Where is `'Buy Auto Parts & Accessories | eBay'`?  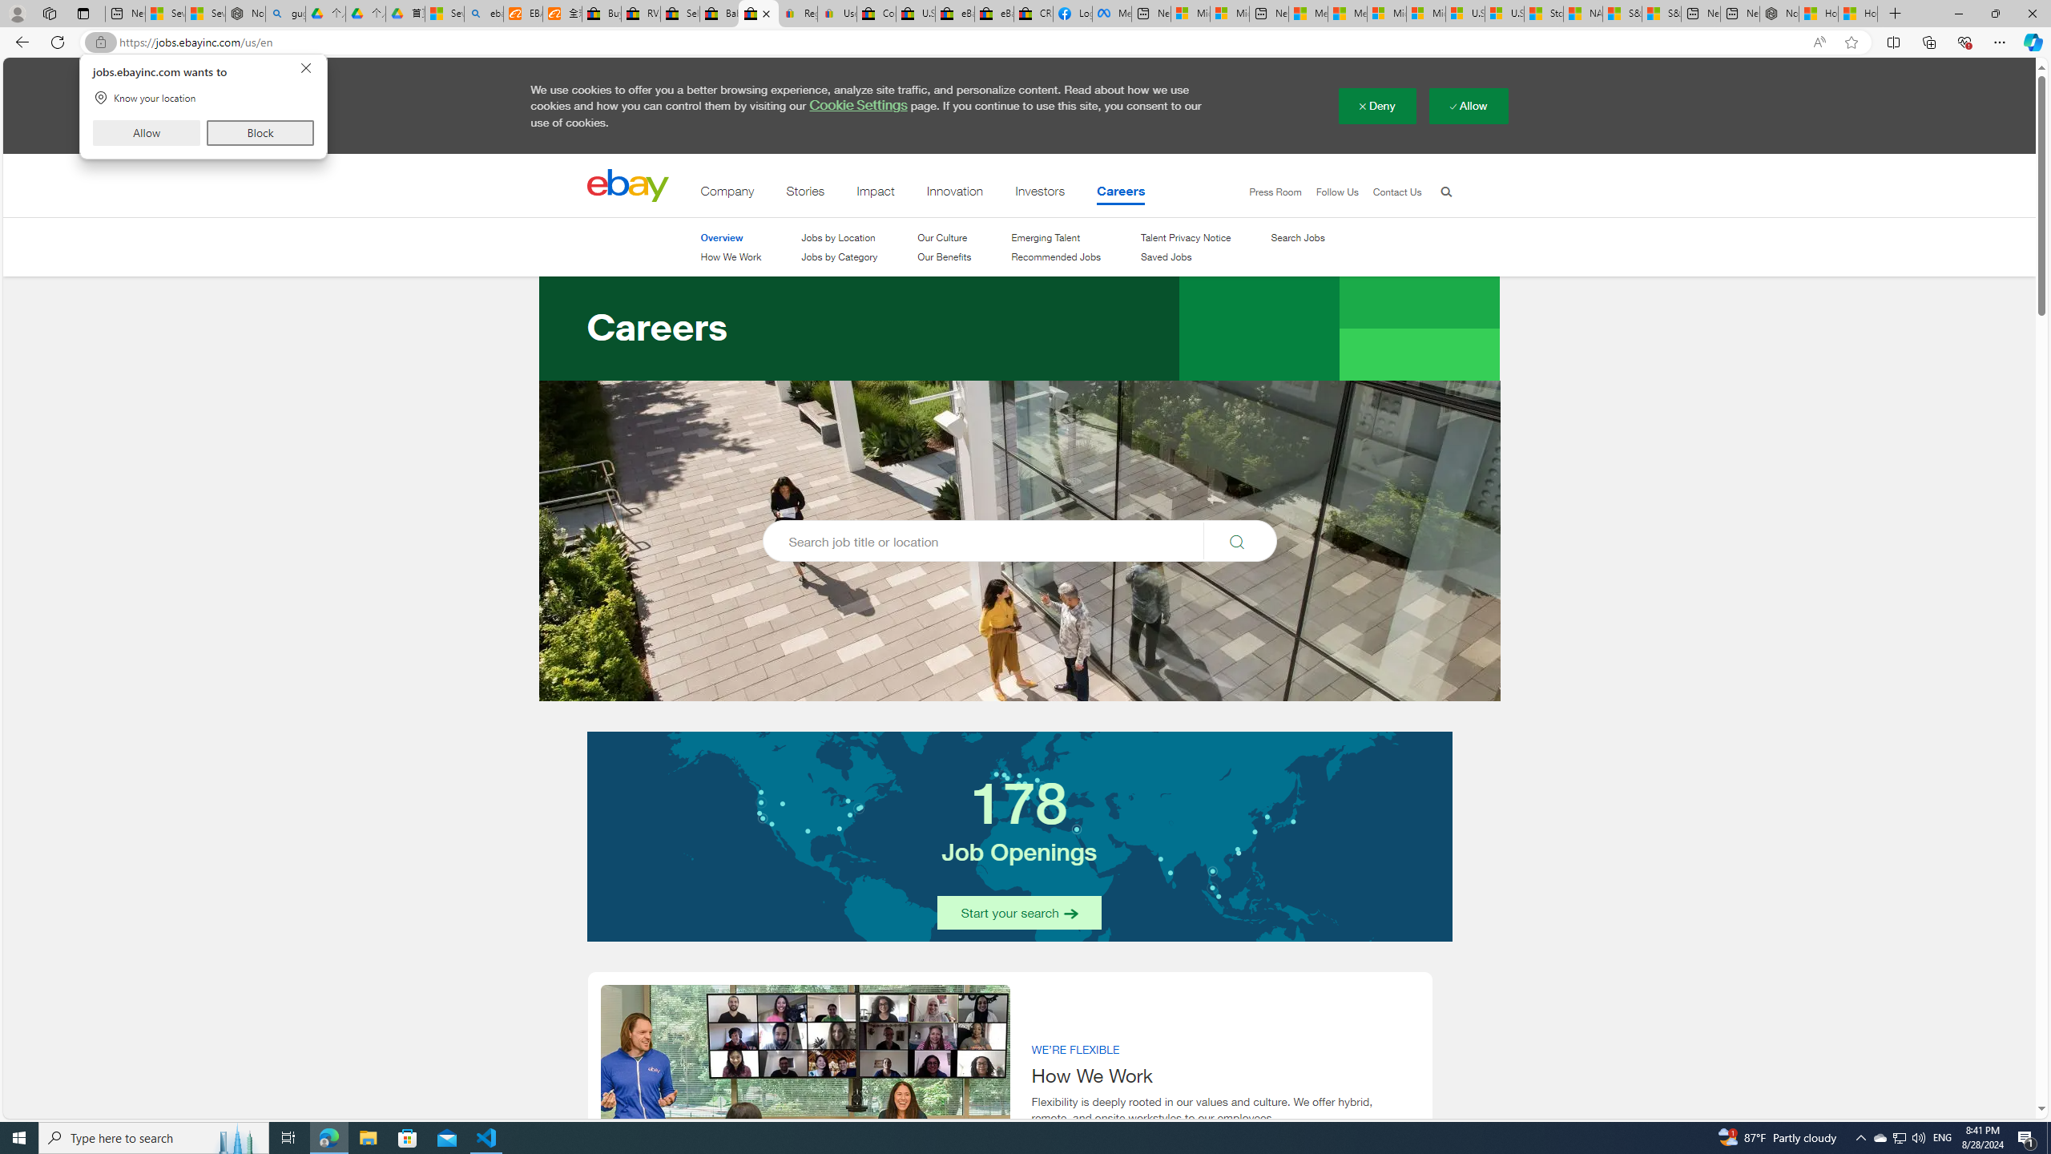 'Buy Auto Parts & Accessories | eBay' is located at coordinates (601, 13).